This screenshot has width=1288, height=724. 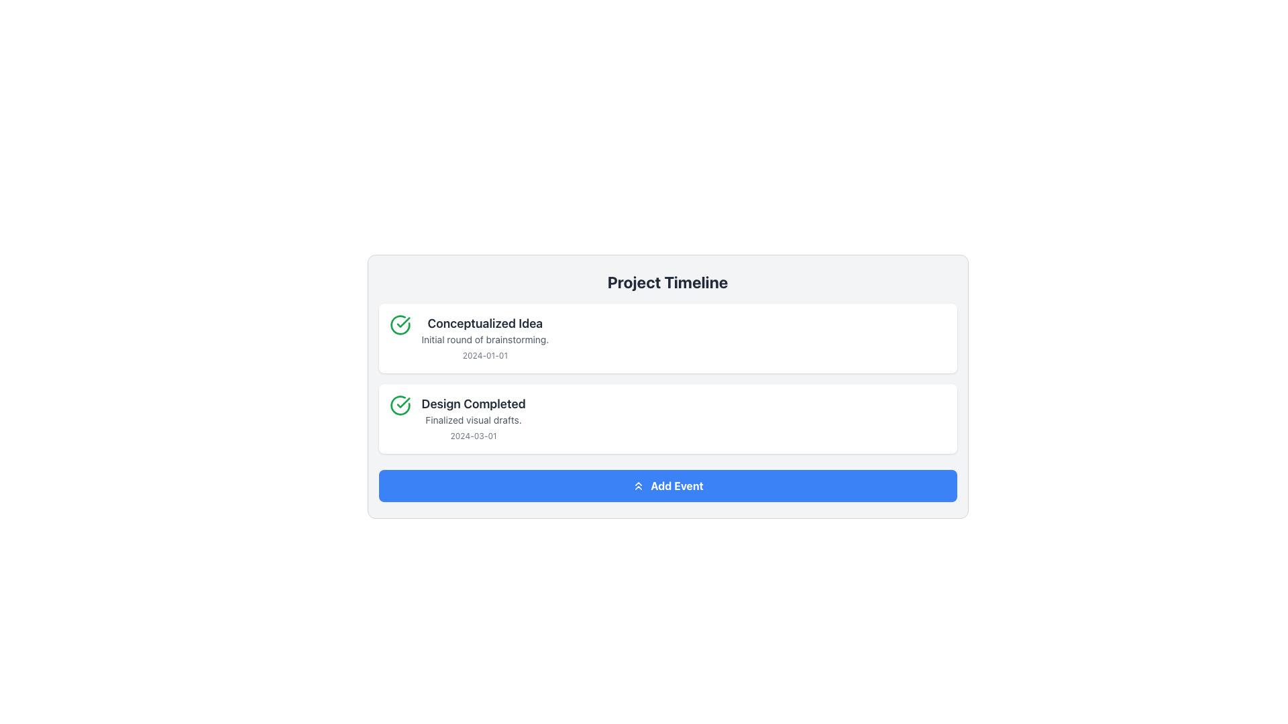 I want to click on the header text element located directly above the text 'Finalized visual drafts.', so click(x=474, y=403).